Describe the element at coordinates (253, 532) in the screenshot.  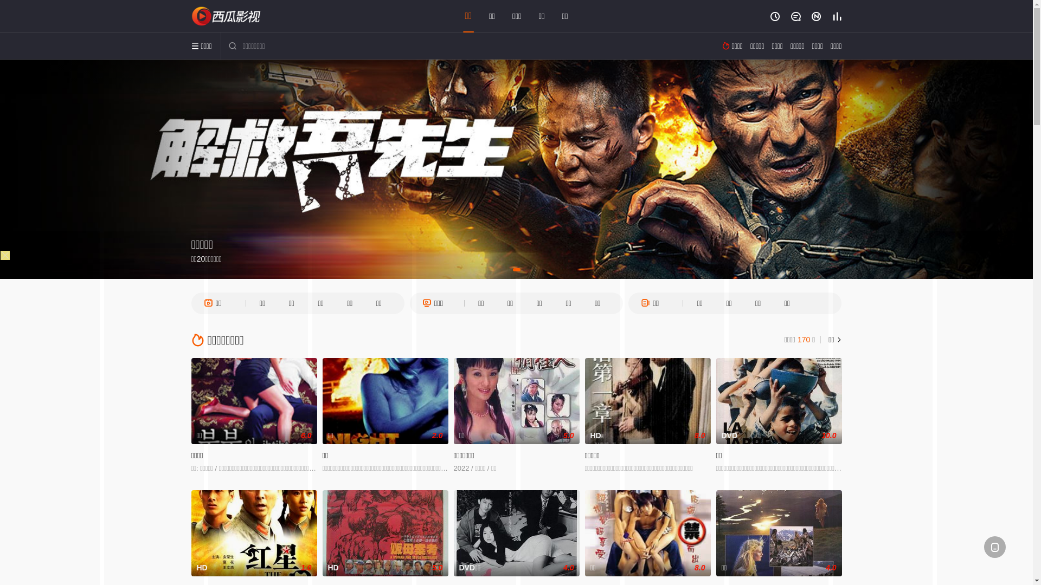
I see `'HD` at that location.